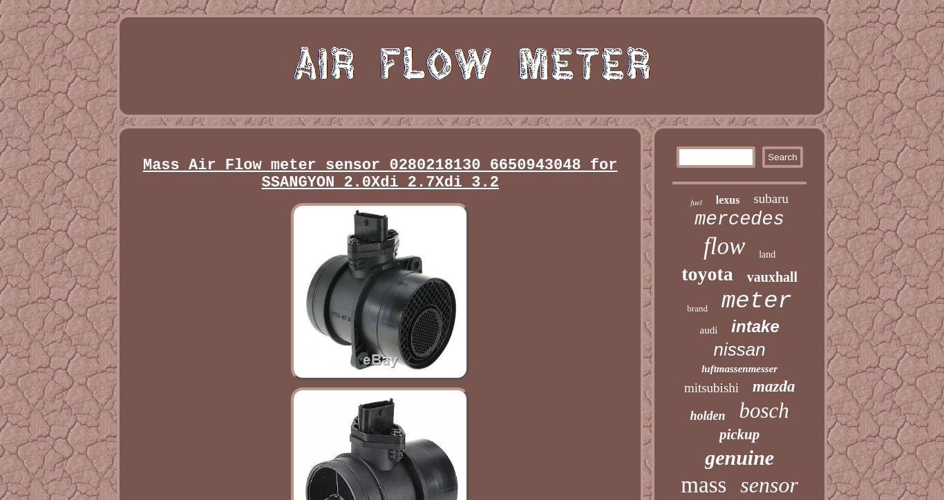 The width and height of the screenshot is (944, 500). I want to click on 'subaru', so click(770, 198).